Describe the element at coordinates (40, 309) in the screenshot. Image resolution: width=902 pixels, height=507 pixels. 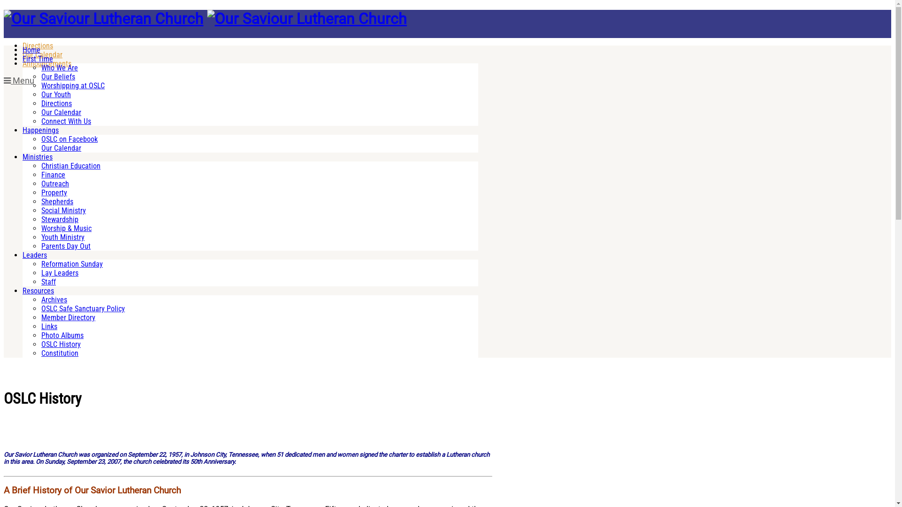
I see `'OSLC Safe Sanctuary Policy'` at that location.